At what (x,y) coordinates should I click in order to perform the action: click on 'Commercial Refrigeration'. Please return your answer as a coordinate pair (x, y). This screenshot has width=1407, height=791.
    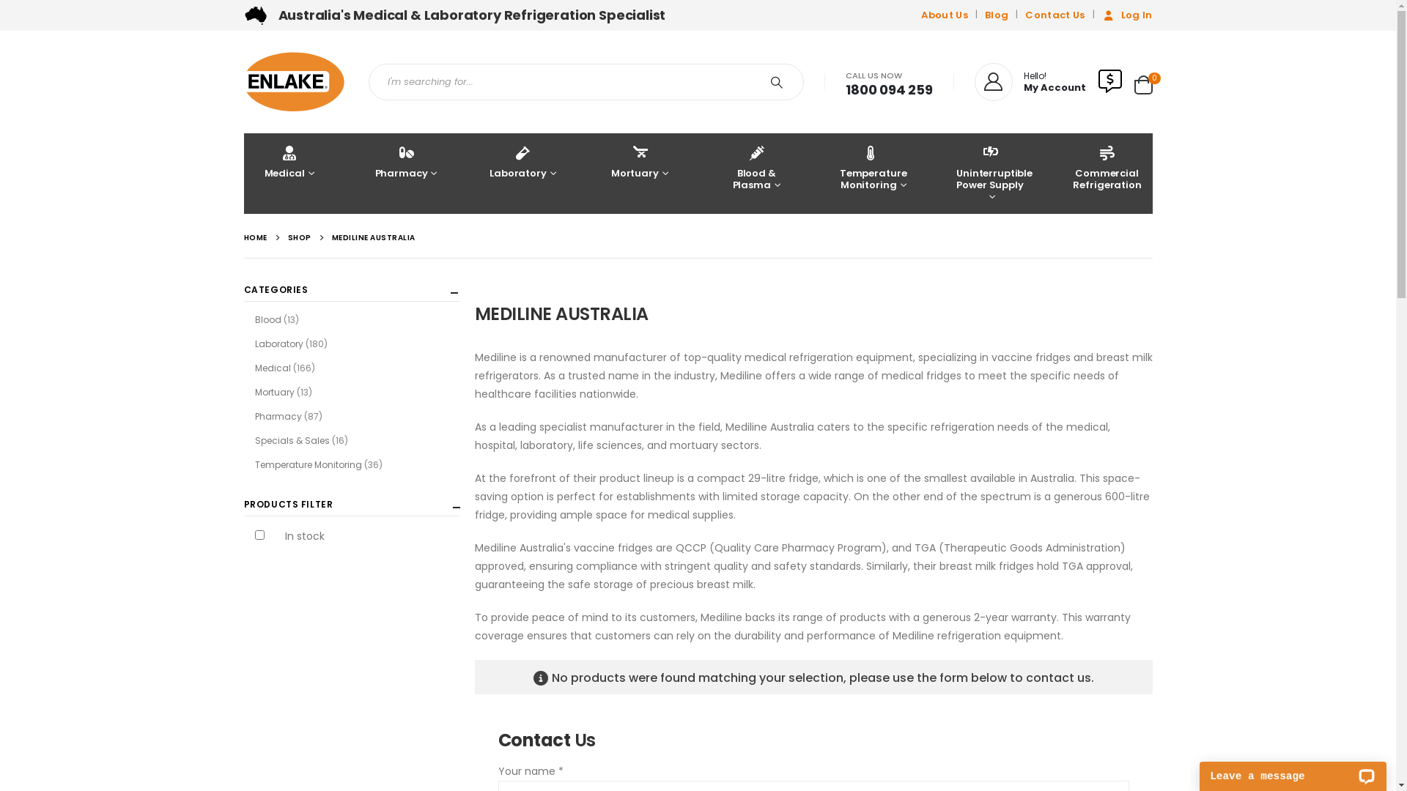
    Looking at the image, I should click on (1107, 172).